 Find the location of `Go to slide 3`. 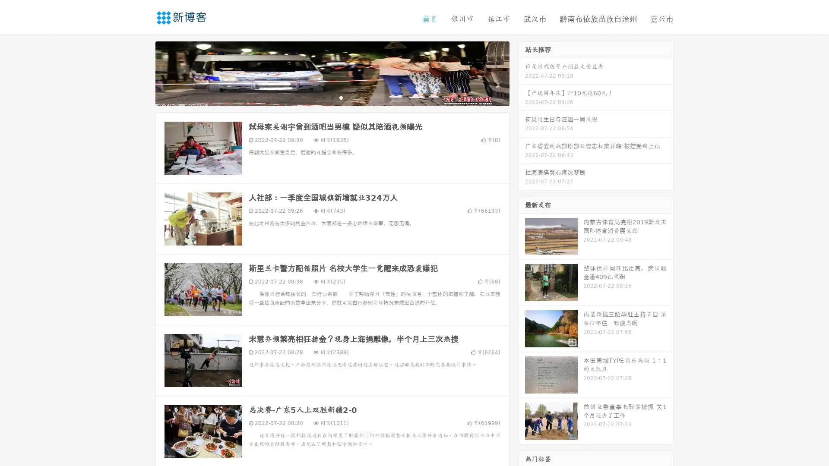

Go to slide 3 is located at coordinates (341, 97).